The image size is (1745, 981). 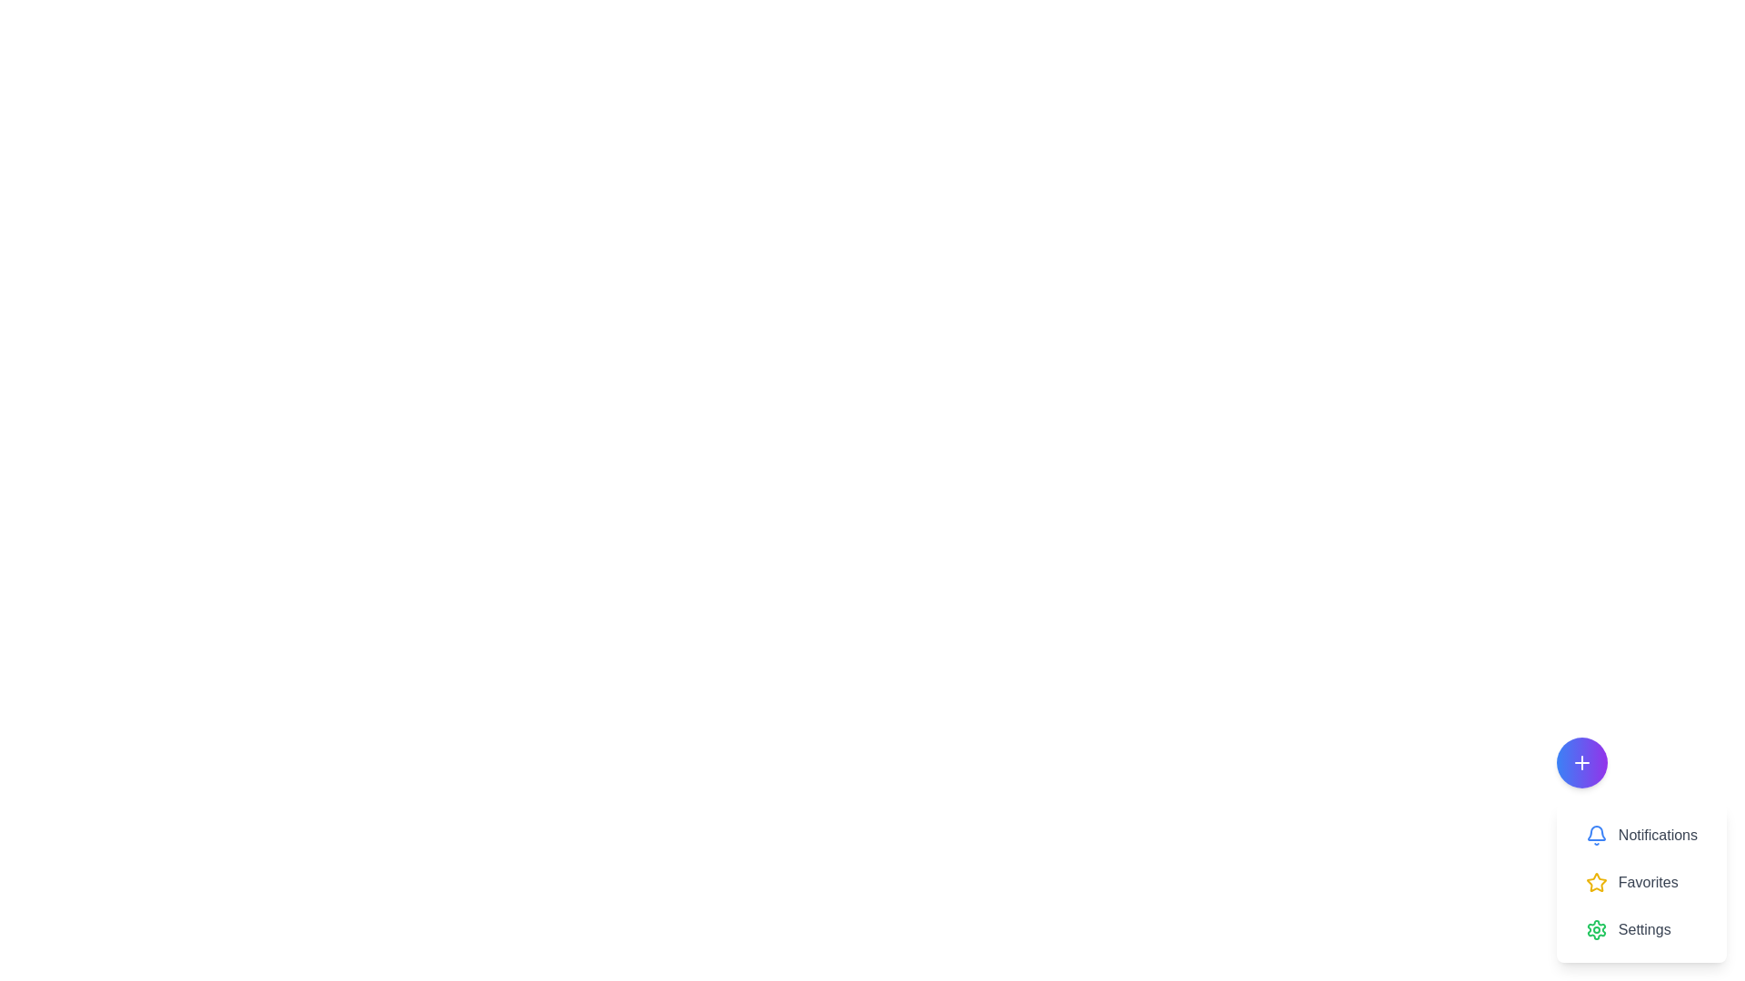 I want to click on descriptive text label for the 'Favorites' option located in the bottom-right area of the interface, positioned between the 'Notifications' and 'Settings' icons, so click(x=1648, y=882).